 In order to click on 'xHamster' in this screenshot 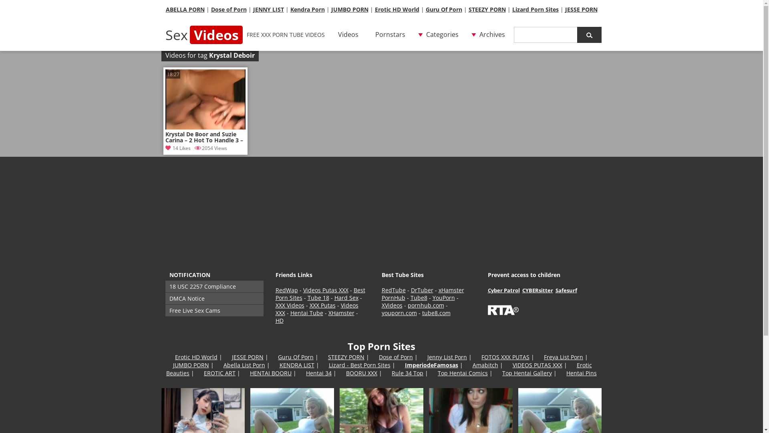, I will do `click(451, 290)`.